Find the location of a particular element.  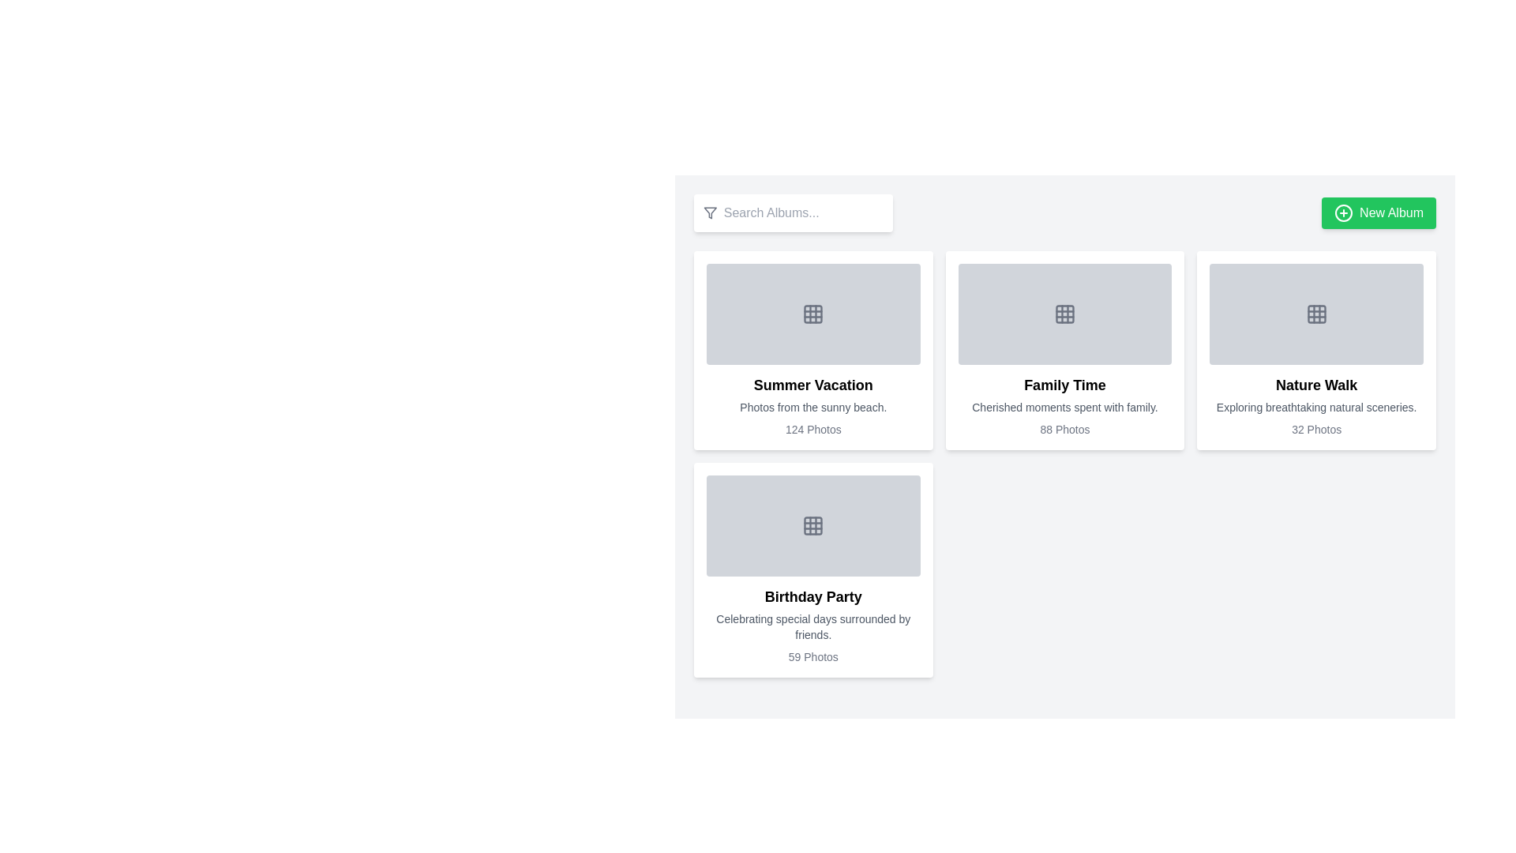

the grid icon located in the top-left card of the grid layout, which is centered above the album title 'Summer Vacation' is located at coordinates (813, 314).